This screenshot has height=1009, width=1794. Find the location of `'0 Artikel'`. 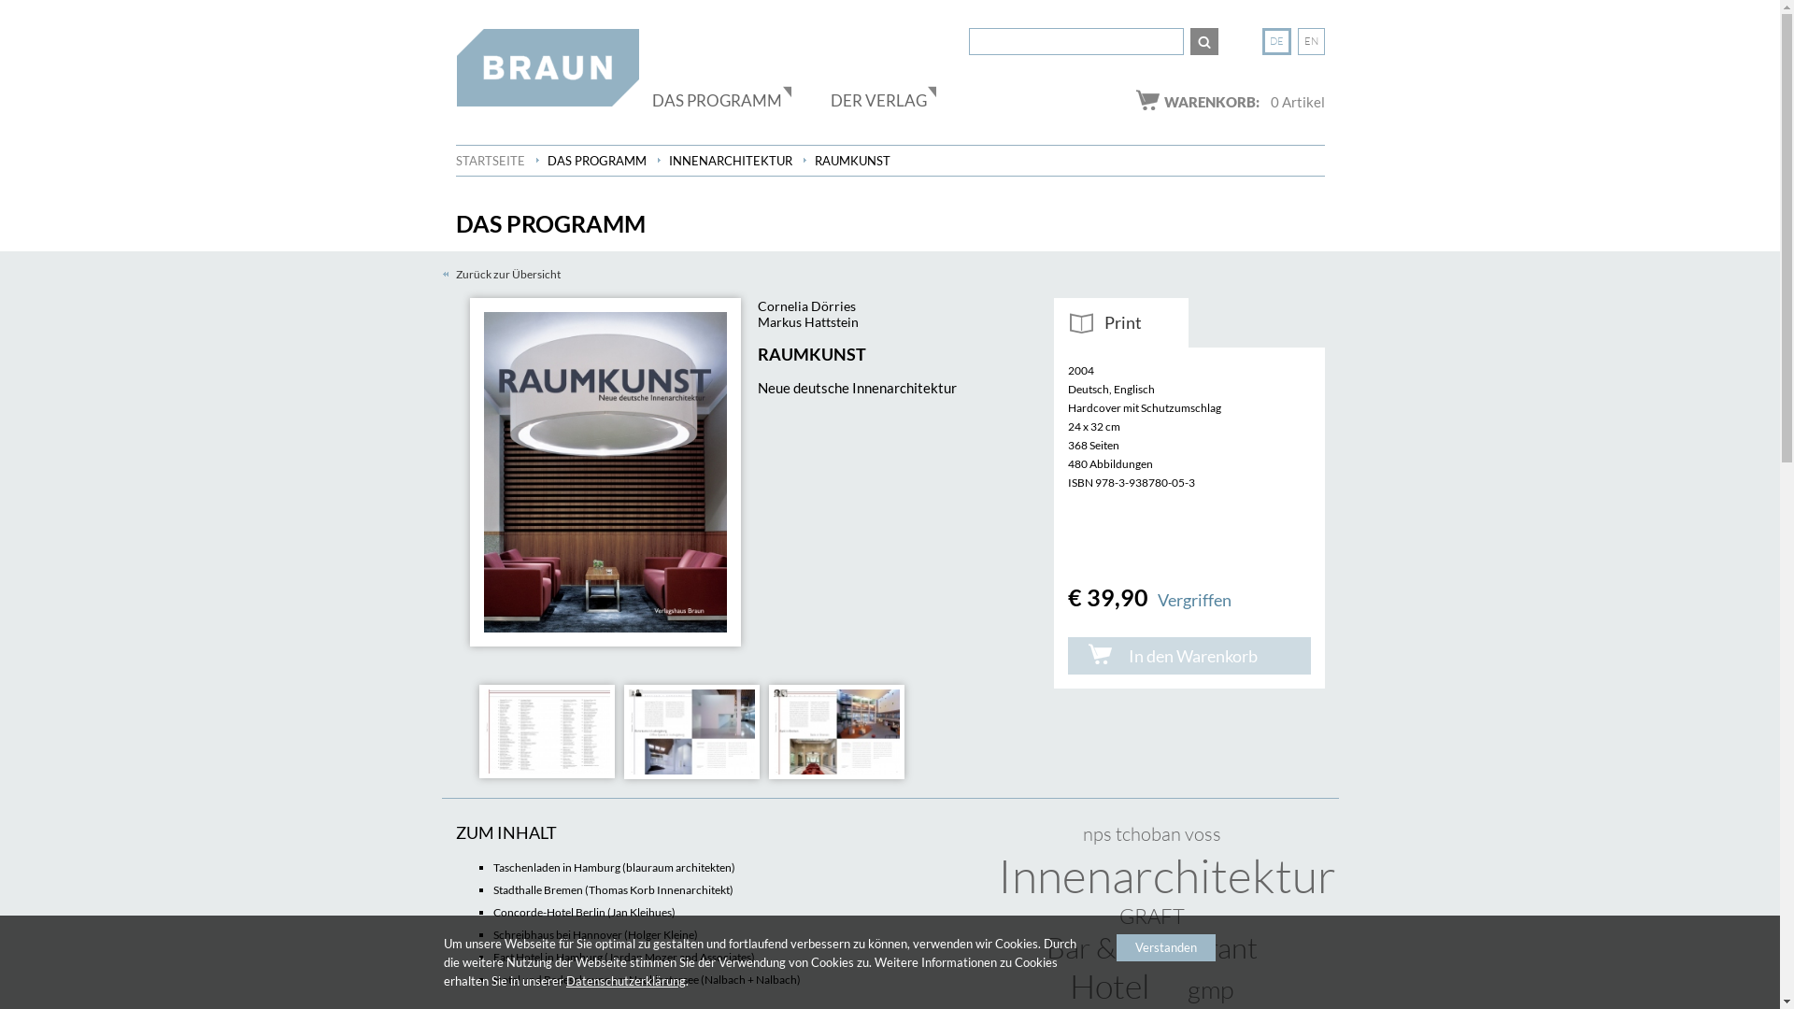

'0 Artikel' is located at coordinates (1270, 101).